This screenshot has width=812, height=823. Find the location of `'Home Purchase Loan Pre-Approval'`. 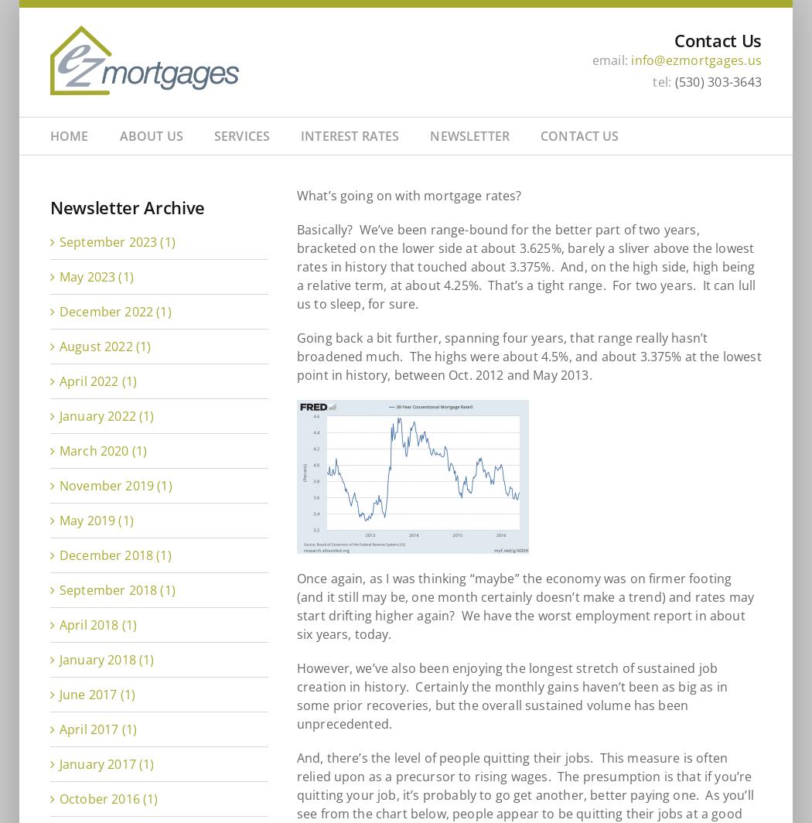

'Home Purchase Loan Pre-Approval' is located at coordinates (227, 386).